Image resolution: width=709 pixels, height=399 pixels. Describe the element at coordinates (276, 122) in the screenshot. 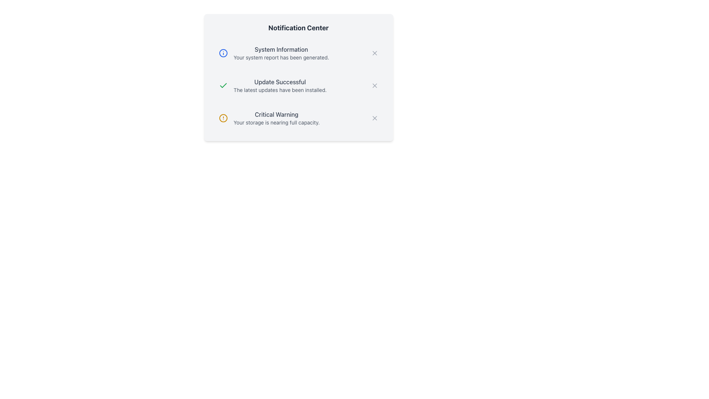

I see `the text label that reads 'Your storage is nearing full capacity.' which is styled with a smaller font size and gray color, located below the 'Critical Warning' text in the notification panel` at that location.